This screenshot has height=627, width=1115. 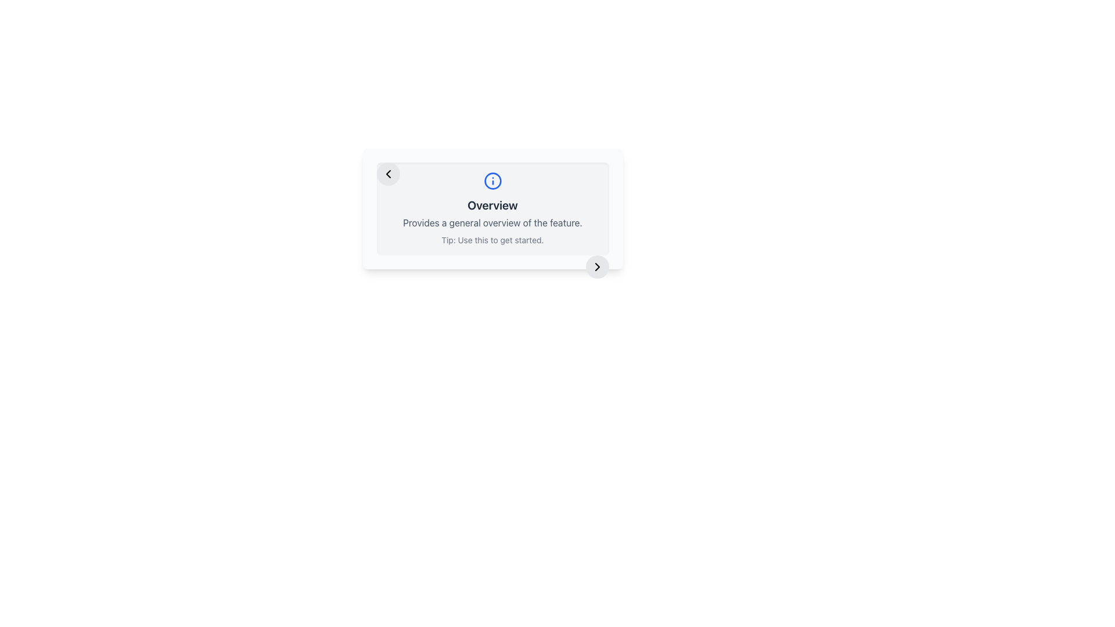 I want to click on the text label that reads 'Provides a general overview of the feature.' which is styled in gray and located below the title 'Overview', so click(x=492, y=223).